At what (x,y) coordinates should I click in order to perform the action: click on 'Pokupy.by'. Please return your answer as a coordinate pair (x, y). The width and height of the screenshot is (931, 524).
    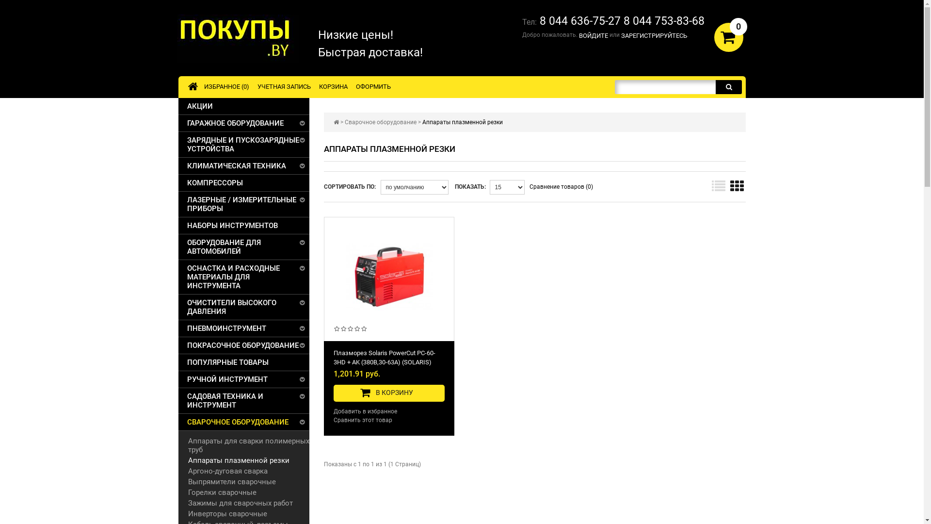
    Looking at the image, I should click on (238, 38).